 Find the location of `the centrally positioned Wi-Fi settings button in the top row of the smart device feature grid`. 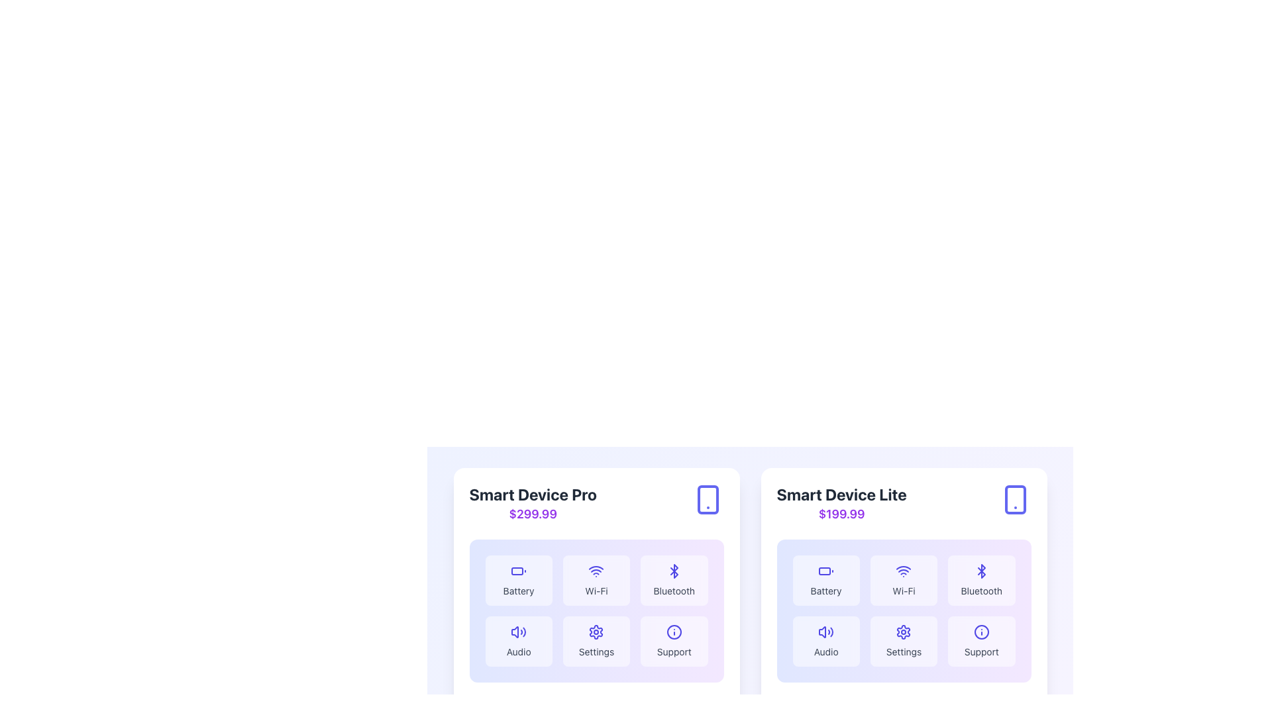

the centrally positioned Wi-Fi settings button in the top row of the smart device feature grid is located at coordinates (596, 579).